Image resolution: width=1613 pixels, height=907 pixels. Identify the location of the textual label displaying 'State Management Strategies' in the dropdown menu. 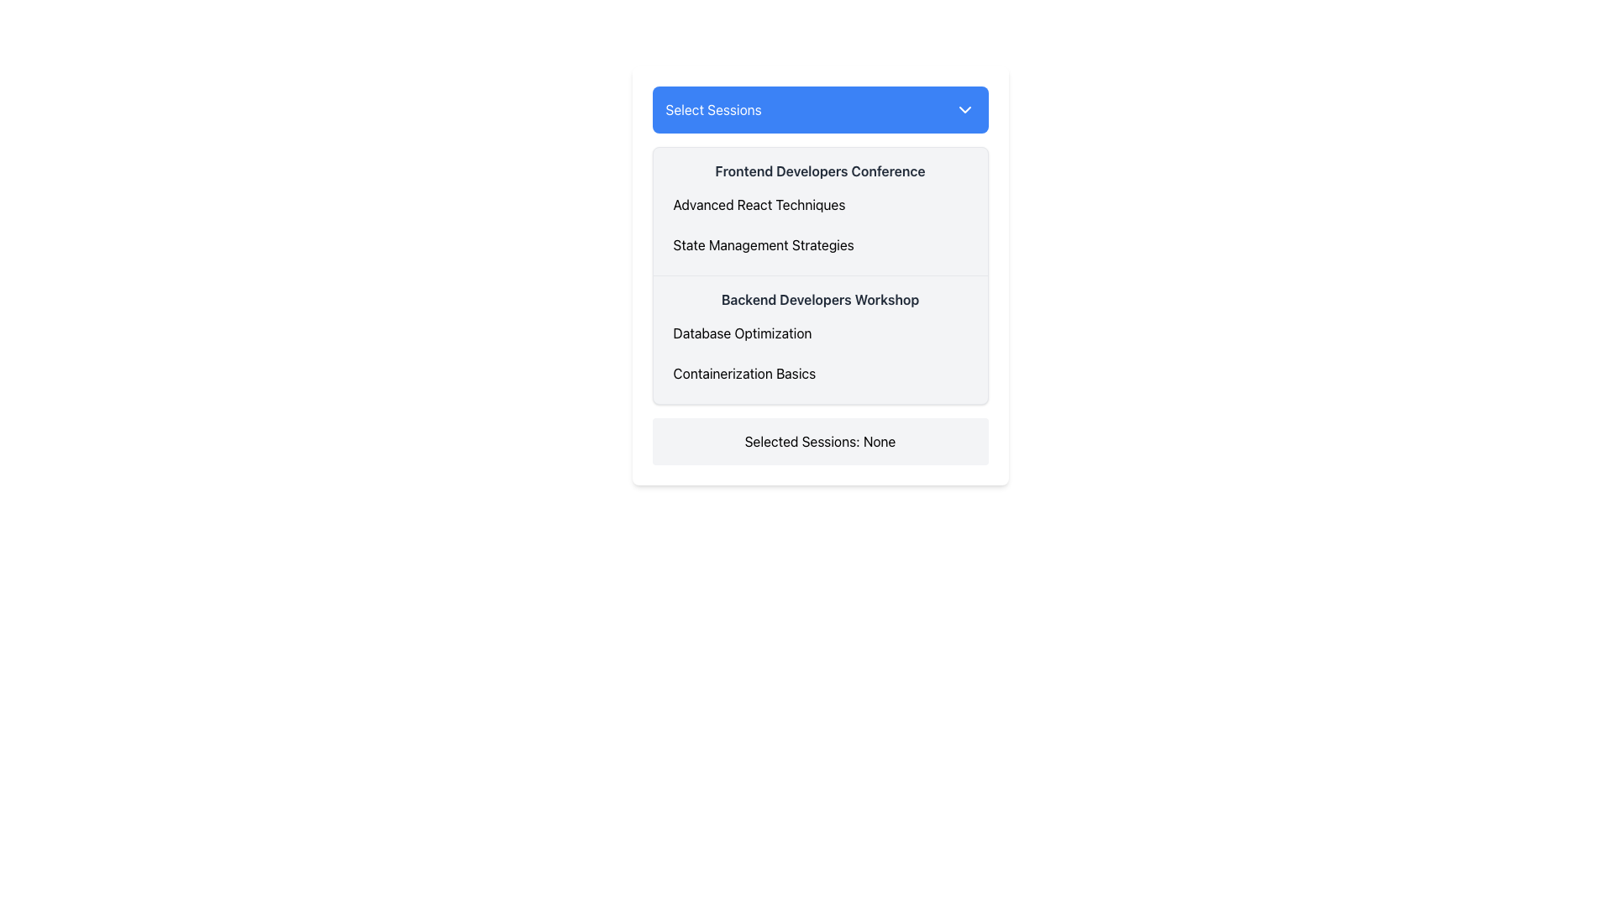
(763, 245).